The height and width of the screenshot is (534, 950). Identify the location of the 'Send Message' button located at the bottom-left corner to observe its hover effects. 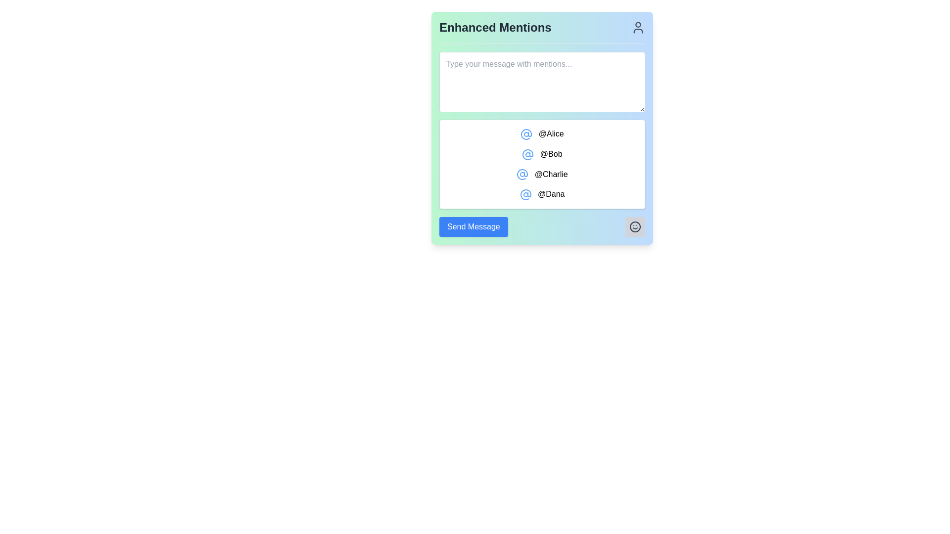
(473, 227).